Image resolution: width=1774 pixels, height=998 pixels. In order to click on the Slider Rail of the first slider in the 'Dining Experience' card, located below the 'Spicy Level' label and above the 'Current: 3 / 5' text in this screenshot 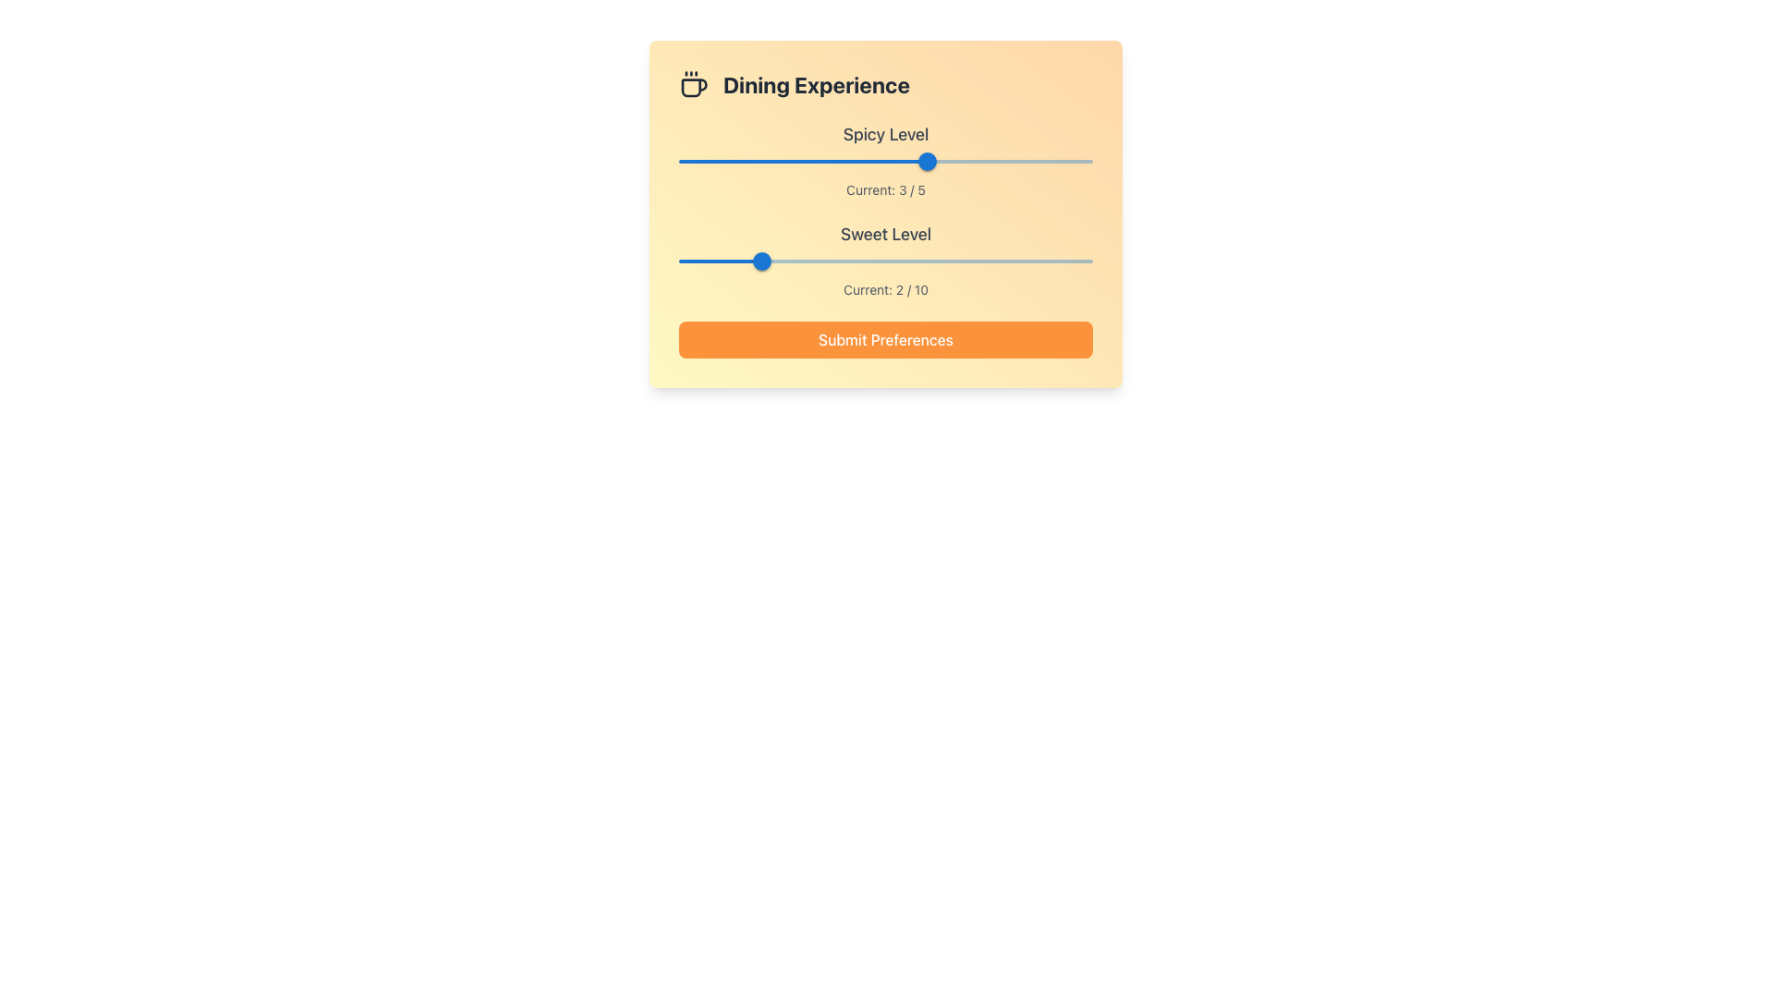, I will do `click(885, 160)`.